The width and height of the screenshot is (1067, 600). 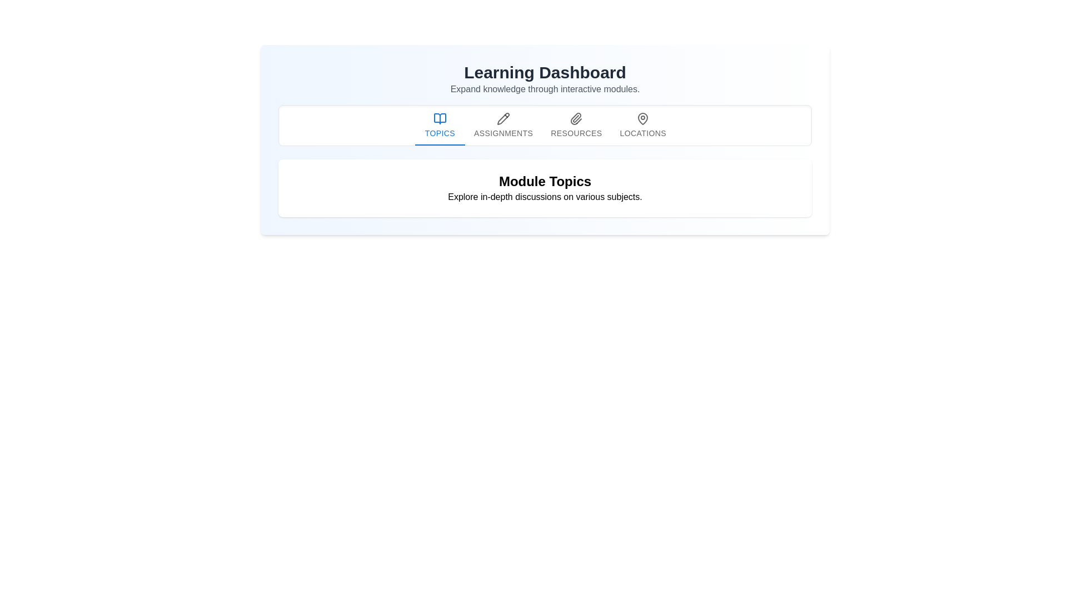 I want to click on the opened book icon in the navigation bar preceding the 'TOPICS' label, so click(x=440, y=119).